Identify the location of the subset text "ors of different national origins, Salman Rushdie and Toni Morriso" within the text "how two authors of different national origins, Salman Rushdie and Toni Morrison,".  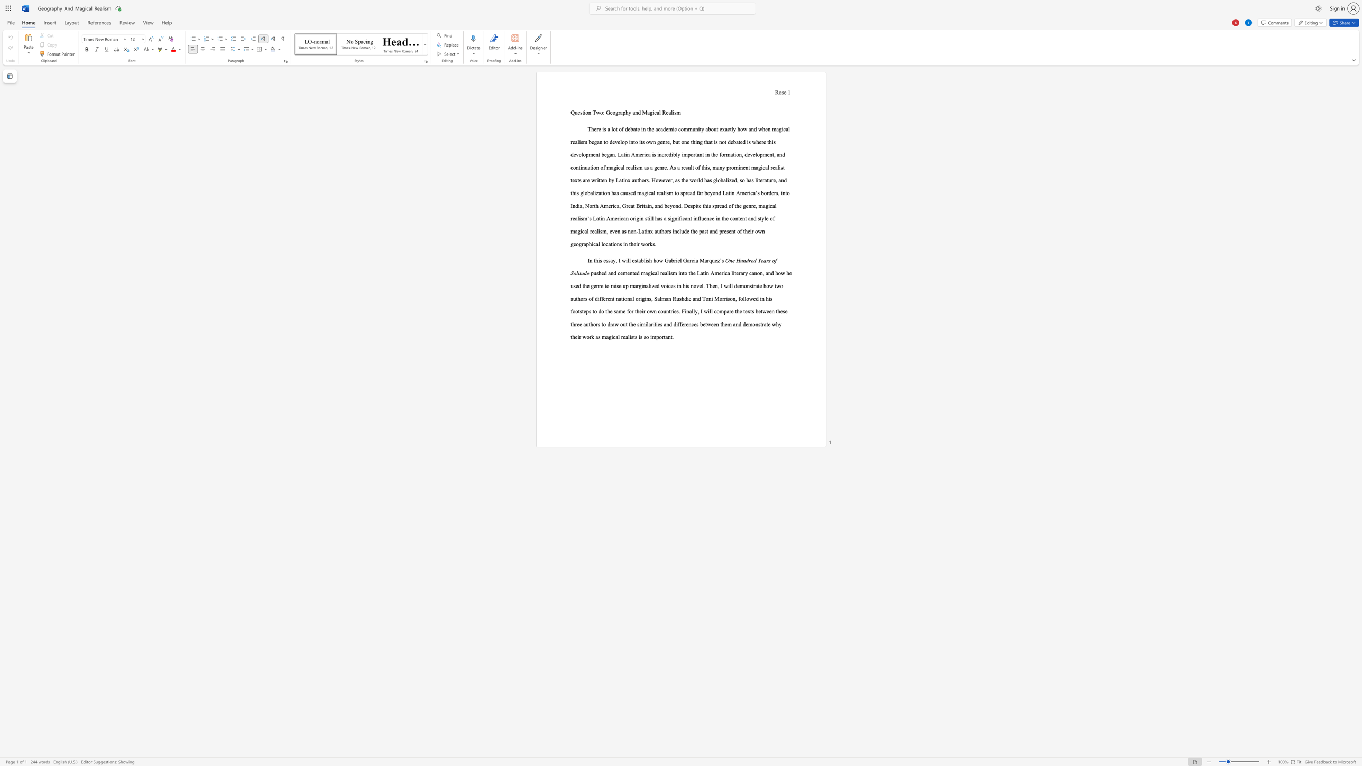
(580, 298).